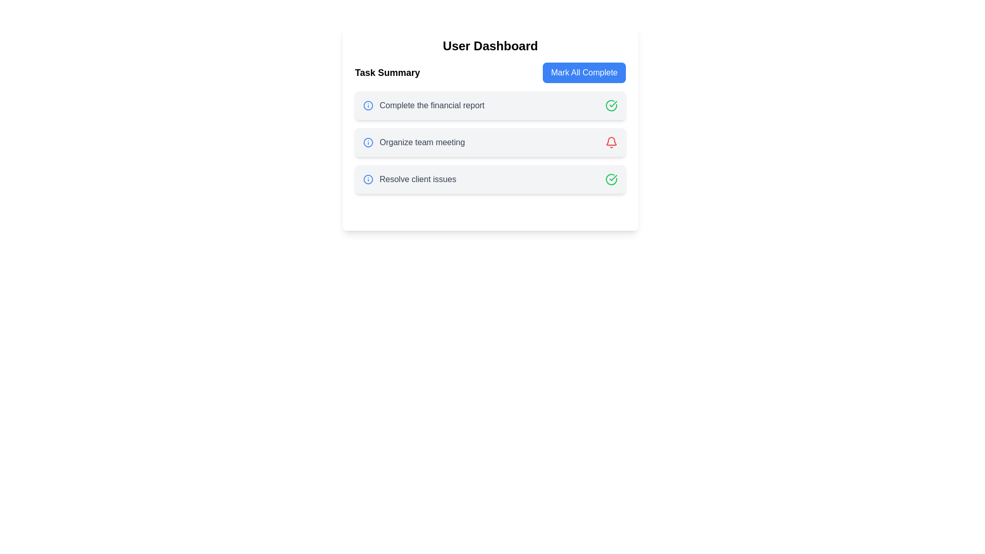 The height and width of the screenshot is (554, 985). I want to click on the informational icon for the task 'Organize team meeting' located in the 'Task Summary' section, so click(368, 142).